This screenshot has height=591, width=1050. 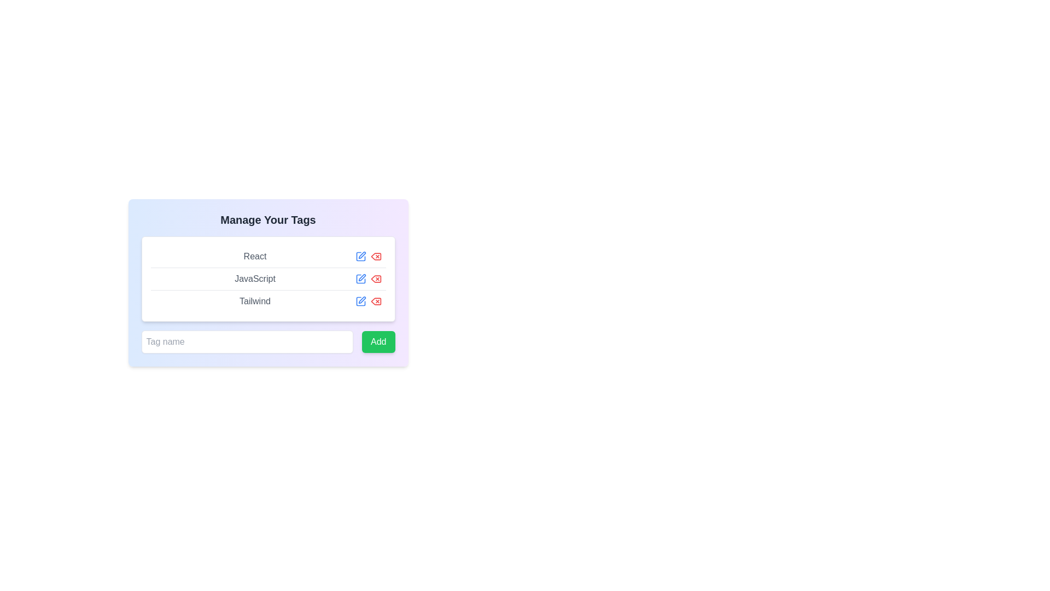 What do you see at coordinates (360, 302) in the screenshot?
I see `the interactive graphical button to the right of the 'Tailwind' text in the 'Manage Your Tags' table` at bounding box center [360, 302].